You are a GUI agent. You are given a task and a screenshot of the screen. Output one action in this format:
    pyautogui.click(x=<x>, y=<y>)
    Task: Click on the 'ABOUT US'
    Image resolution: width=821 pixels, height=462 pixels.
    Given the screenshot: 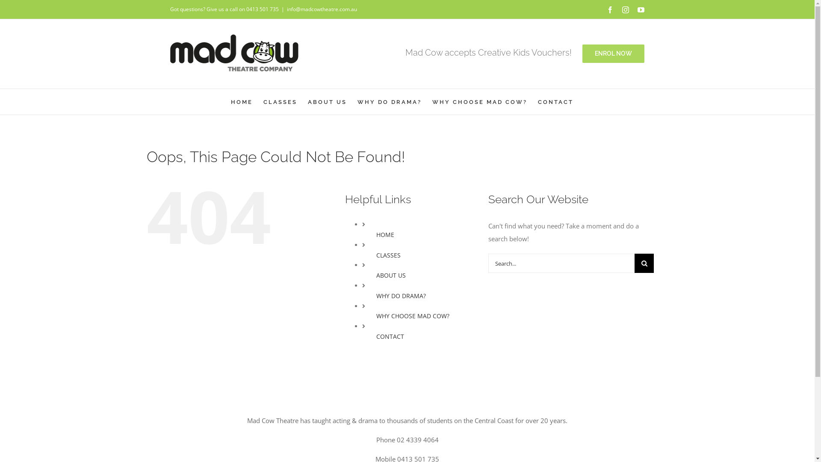 What is the action you would take?
    pyautogui.click(x=376, y=275)
    